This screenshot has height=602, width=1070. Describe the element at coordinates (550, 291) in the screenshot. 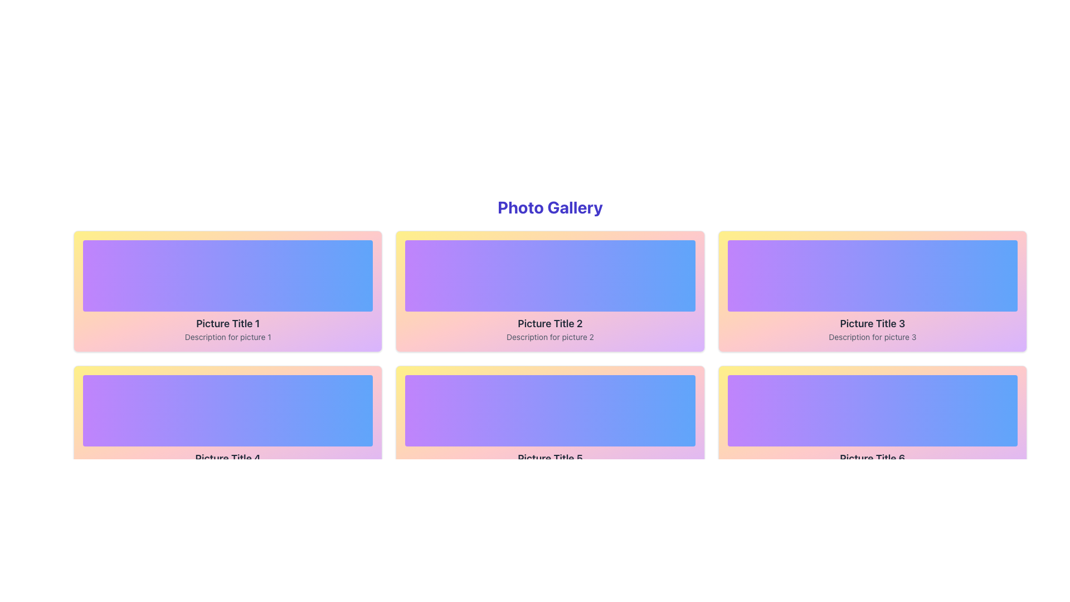

I see `the second card in the first row of the grid layout, which displays an image along with the title 'Picture Title 2' and its description` at that location.